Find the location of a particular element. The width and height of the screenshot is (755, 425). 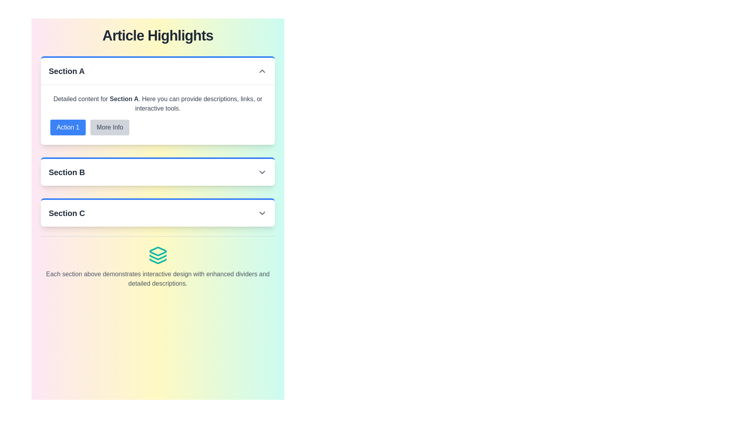

the button located to the right of 'Action 1' under the heading 'Section A' is located at coordinates (109, 127).